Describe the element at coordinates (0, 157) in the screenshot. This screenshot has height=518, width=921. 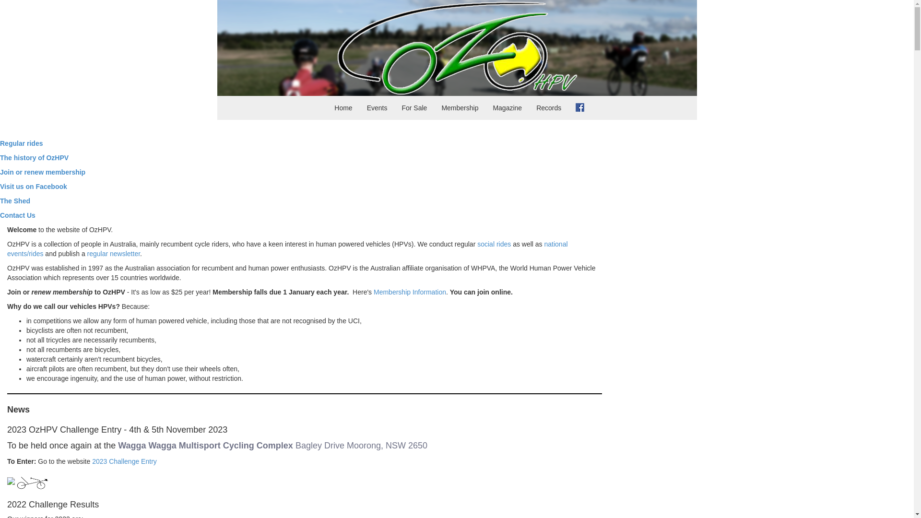
I see `'The history of OzHPV'` at that location.